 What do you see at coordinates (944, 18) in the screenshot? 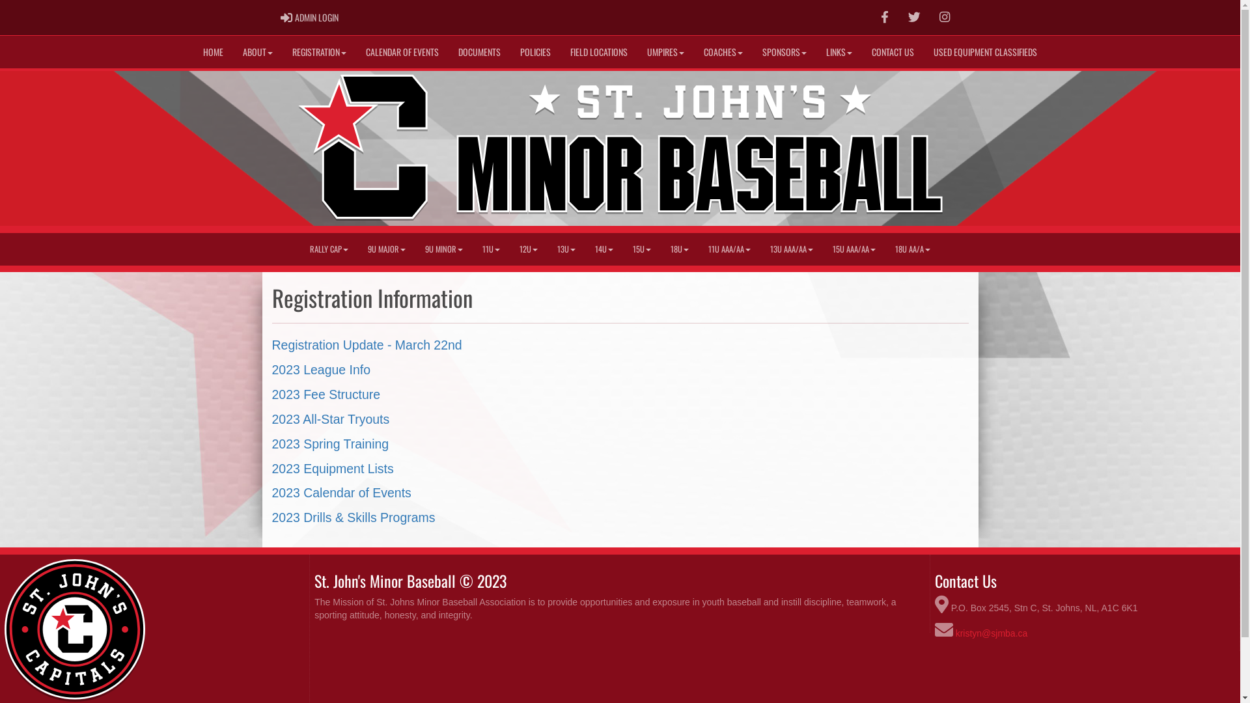
I see `'Instagram'` at bounding box center [944, 18].